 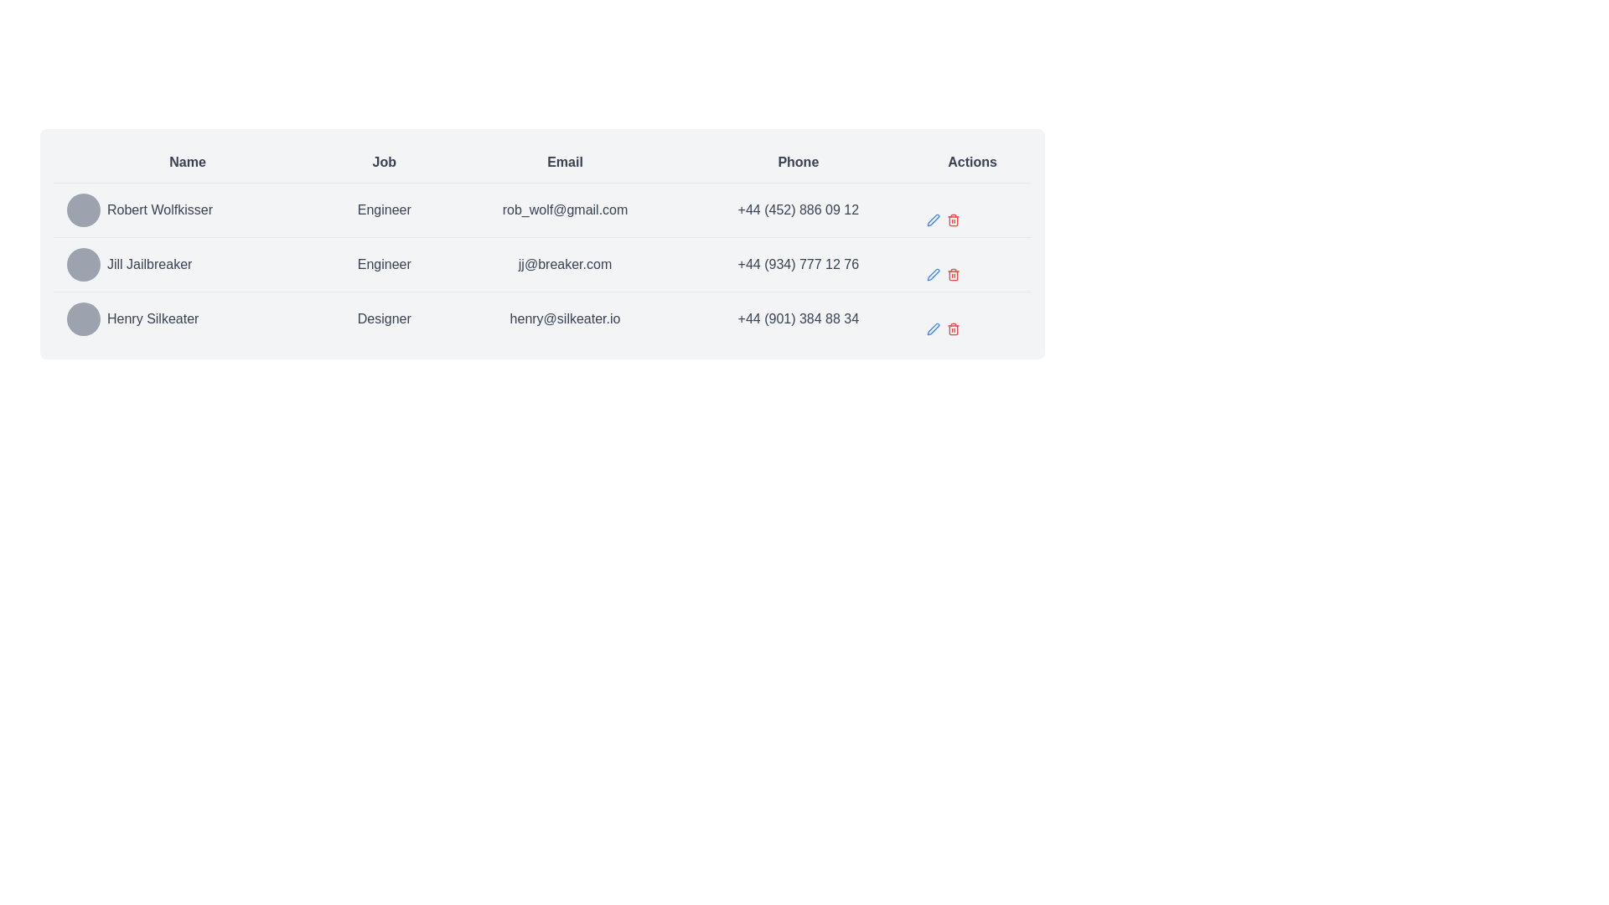 What do you see at coordinates (383, 318) in the screenshot?
I see `the text label displaying 'Designer' located in the 'Job' column of the last row in the table, positioned between 'Henry Silkeater' and 'henry@silkeater.io'` at bounding box center [383, 318].